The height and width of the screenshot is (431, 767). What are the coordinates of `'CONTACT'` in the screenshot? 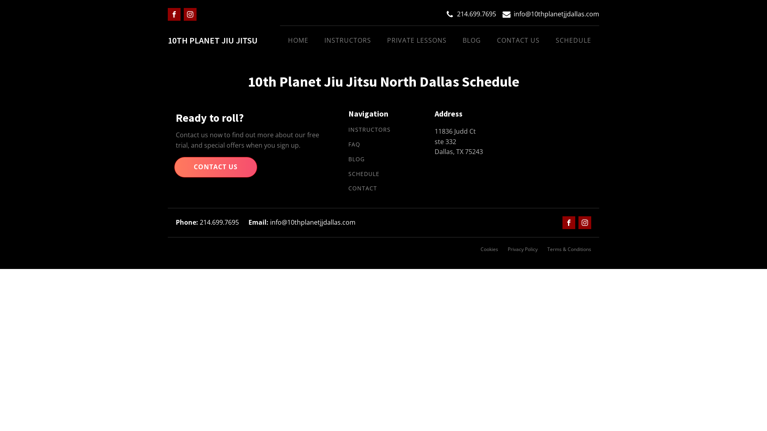 It's located at (362, 188).